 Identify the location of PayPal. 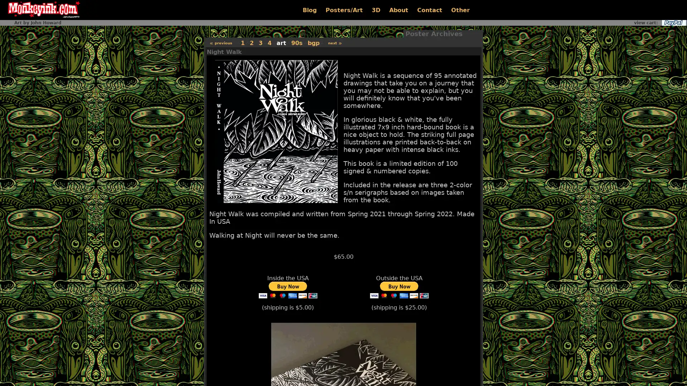
(673, 23).